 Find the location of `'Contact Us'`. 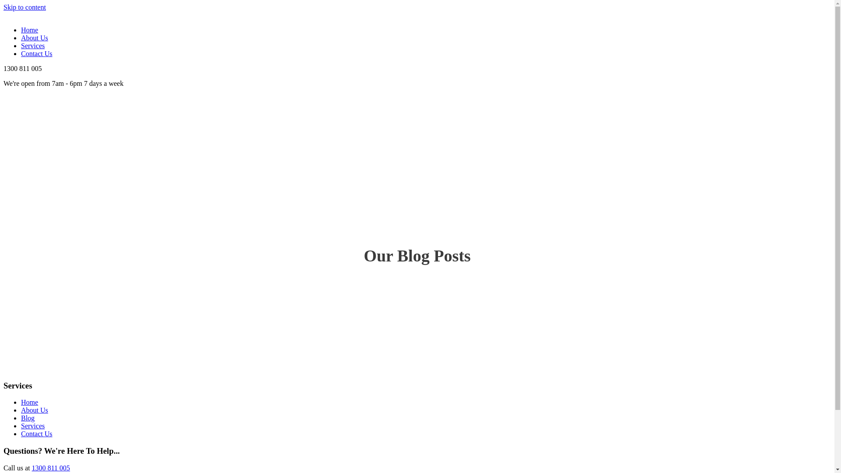

'Contact Us' is located at coordinates (36, 434).